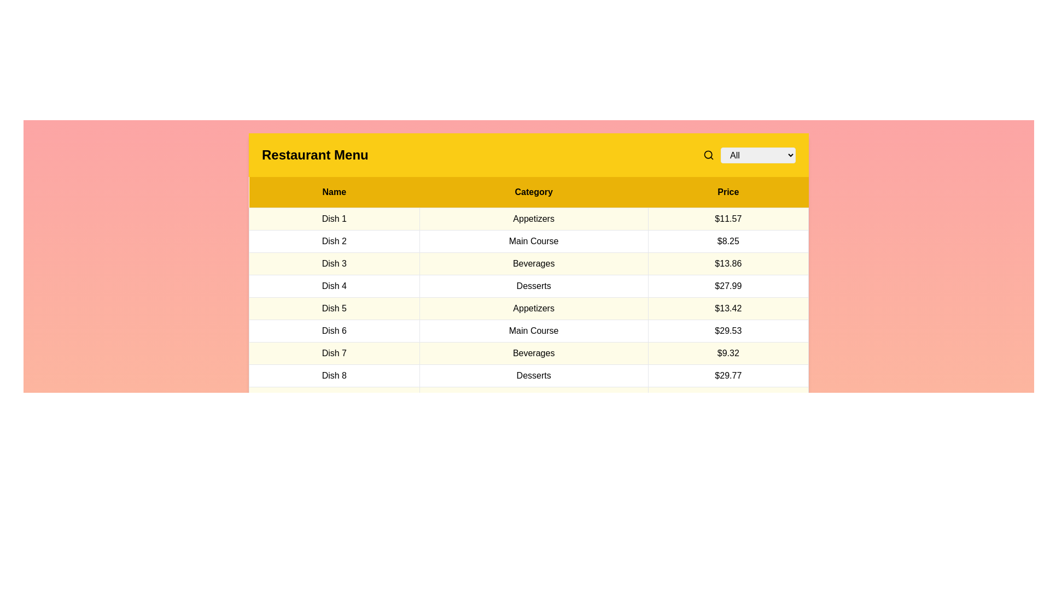 The image size is (1050, 590). Describe the element at coordinates (757, 155) in the screenshot. I see `the category Beverages in the dropdown menu` at that location.